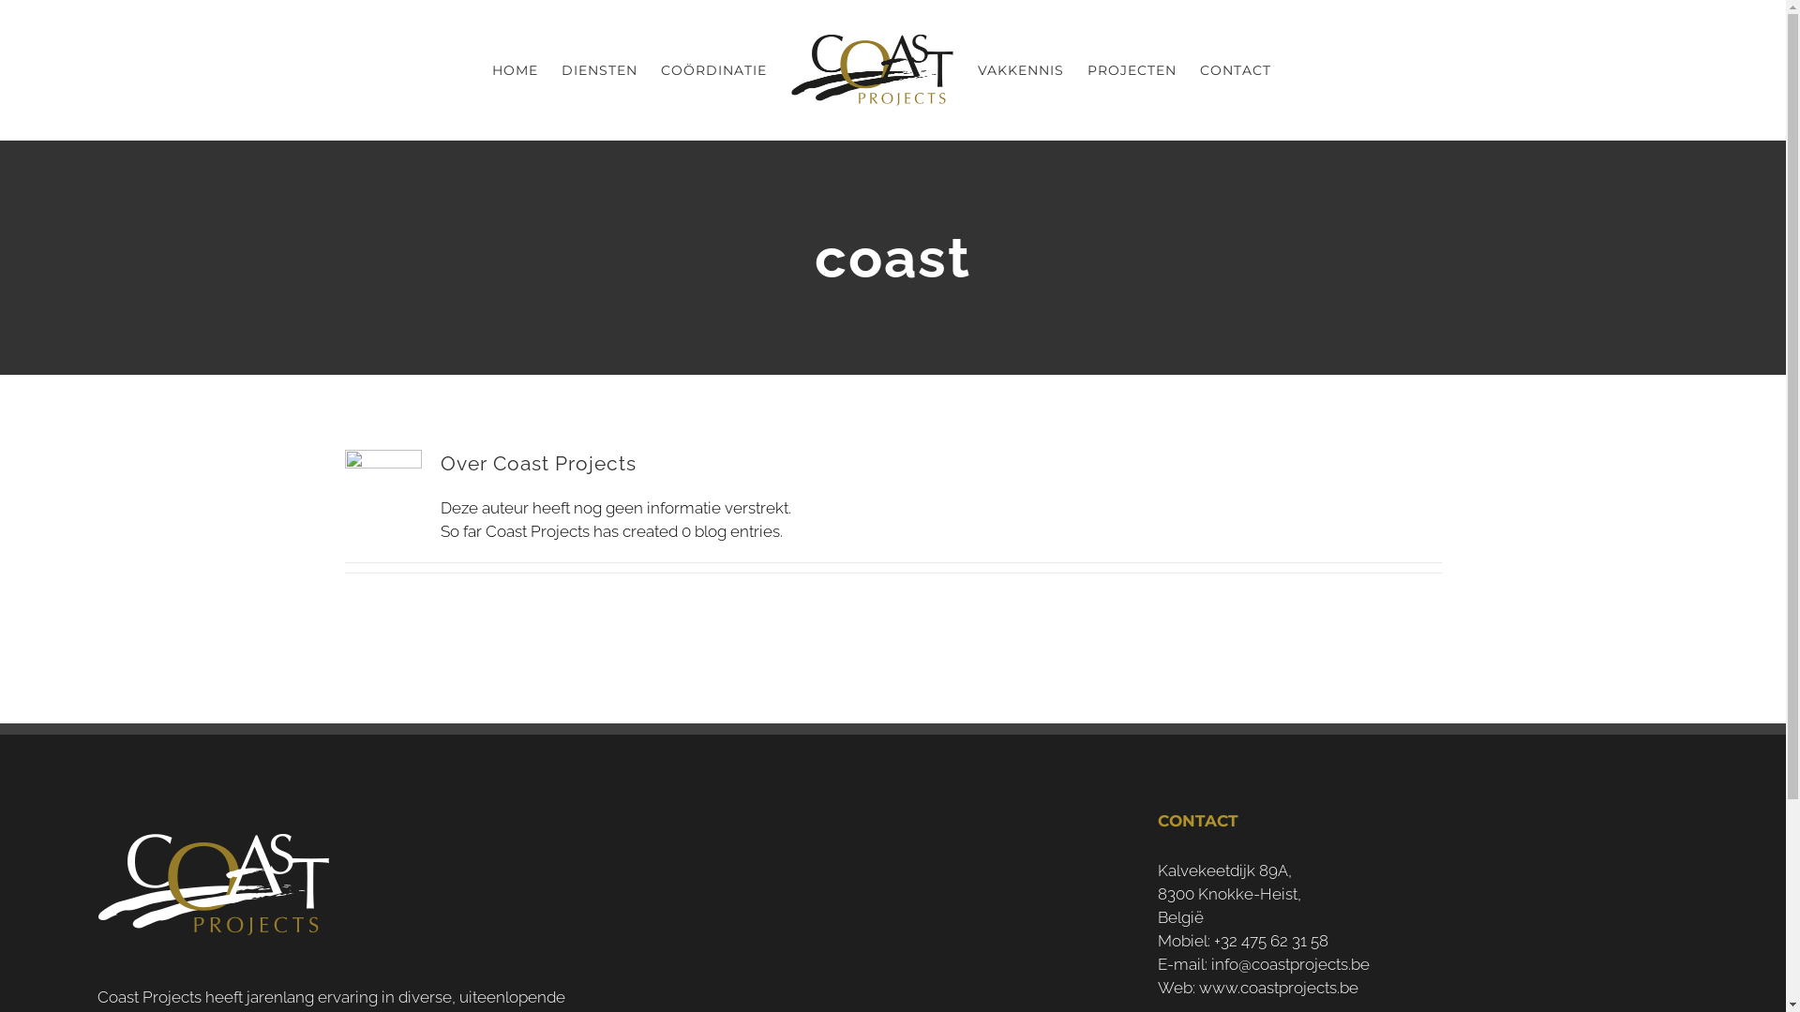  I want to click on 'info@coastprojects.be', so click(1289, 964).